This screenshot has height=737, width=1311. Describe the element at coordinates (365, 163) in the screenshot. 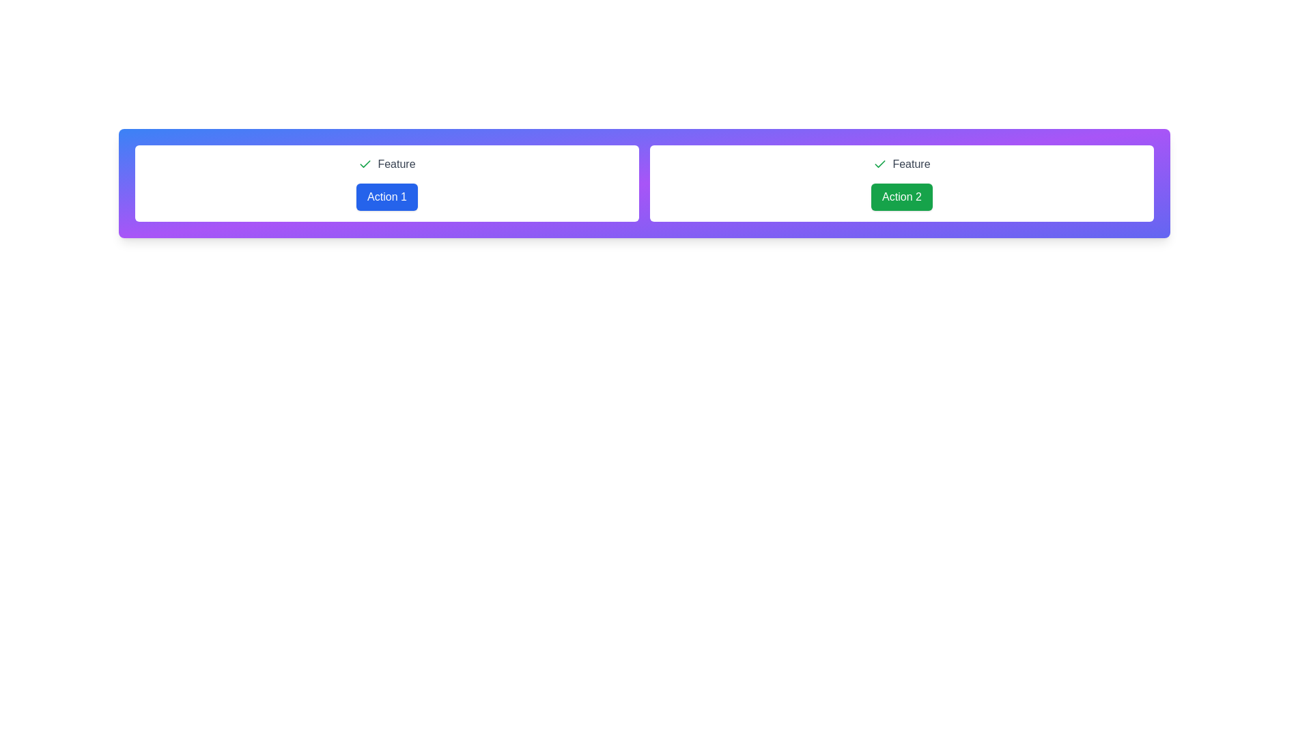

I see `the green checkmark icon styled with the 'lucide' icon library, located to the left of the label text 'Feature'` at that location.